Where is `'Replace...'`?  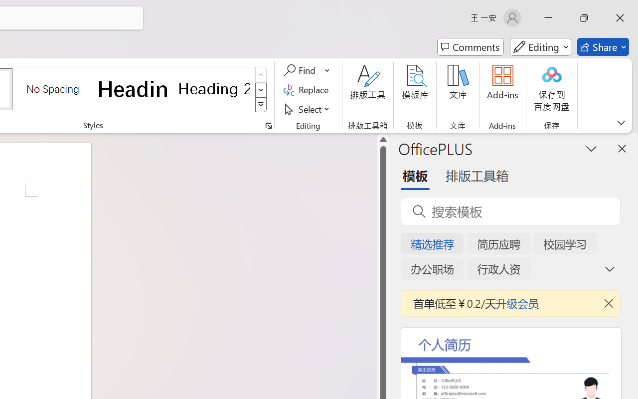
'Replace...' is located at coordinates (307, 89).